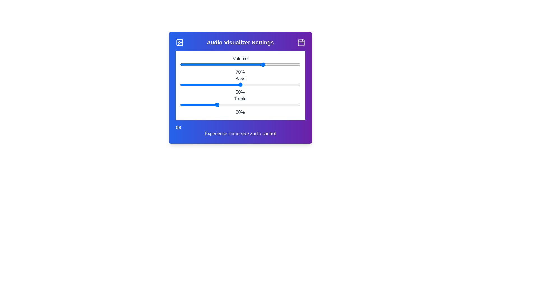 This screenshot has height=302, width=538. Describe the element at coordinates (223, 64) in the screenshot. I see `the volume slider to set the volume to 37%` at that location.